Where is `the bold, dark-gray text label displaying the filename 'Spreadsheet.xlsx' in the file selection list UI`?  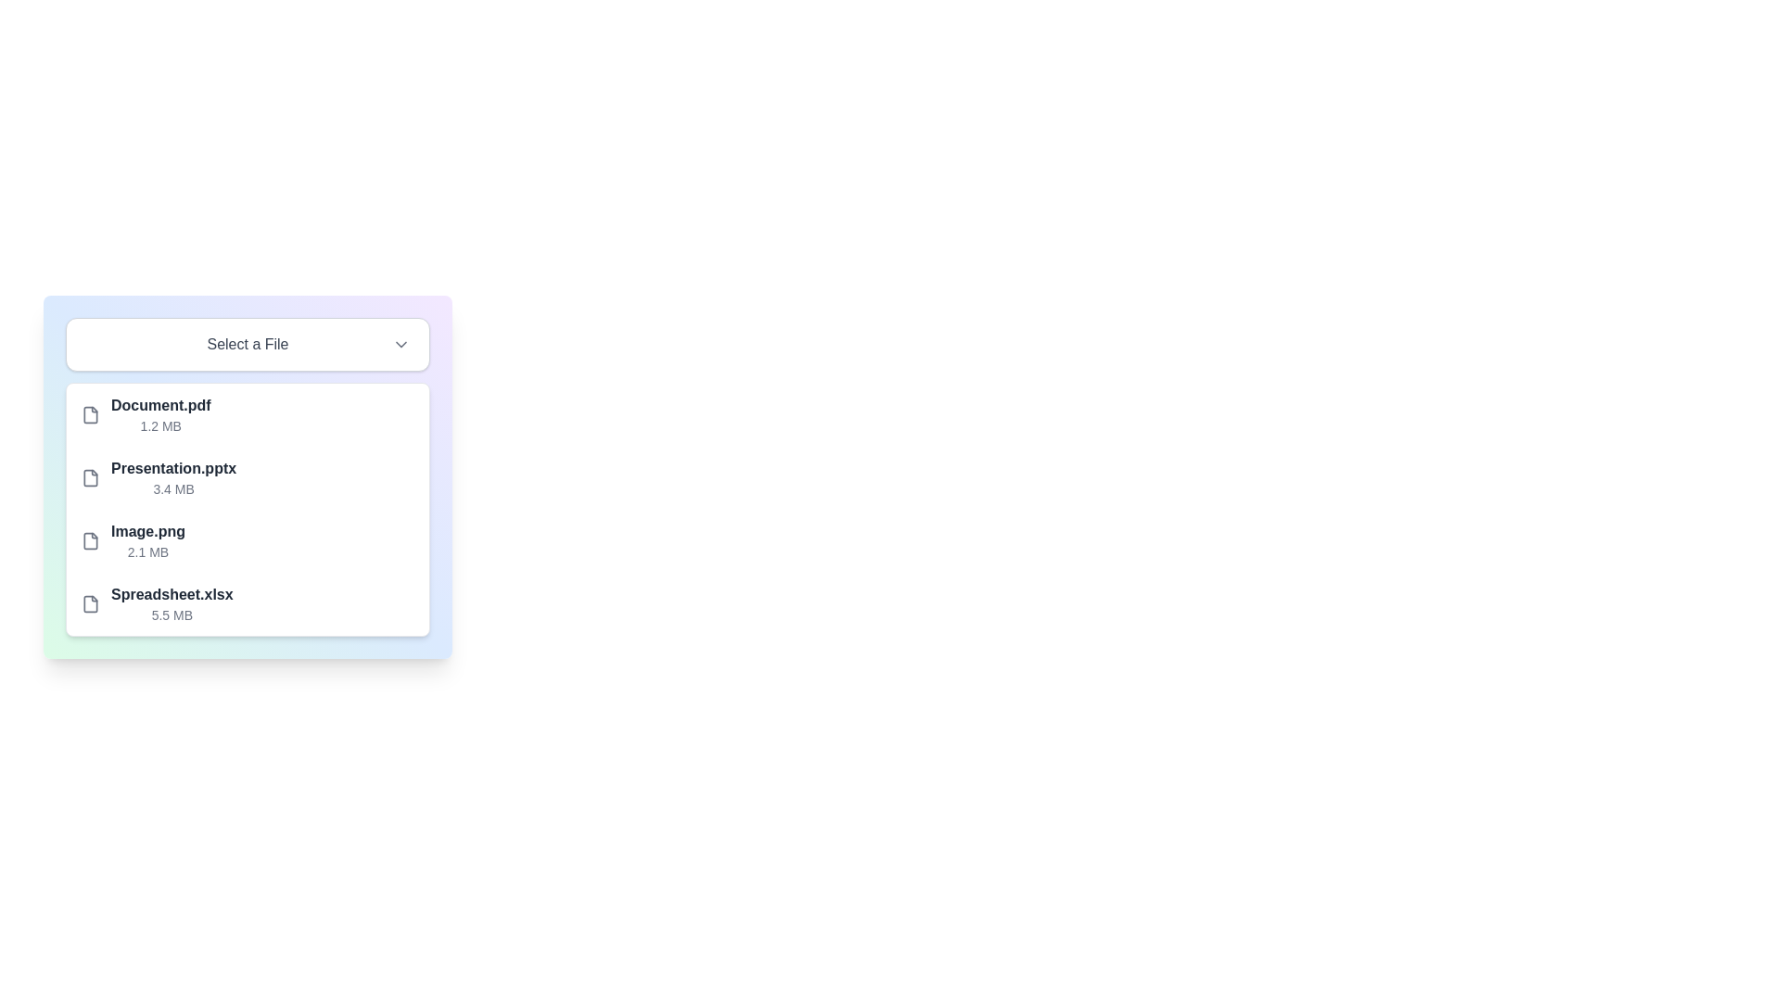 the bold, dark-gray text label displaying the filename 'Spreadsheet.xlsx' in the file selection list UI is located at coordinates (172, 594).